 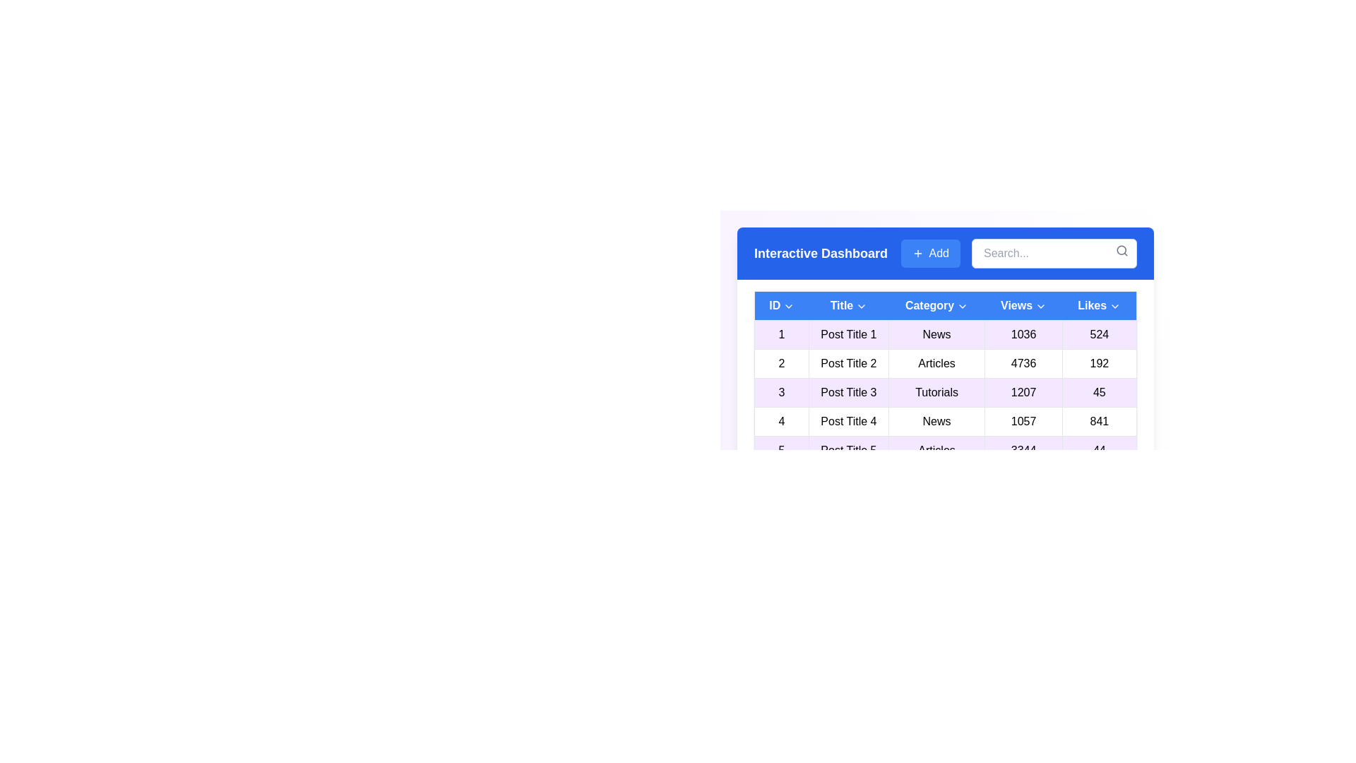 What do you see at coordinates (1098, 304) in the screenshot?
I see `the column header to sort by Likes` at bounding box center [1098, 304].